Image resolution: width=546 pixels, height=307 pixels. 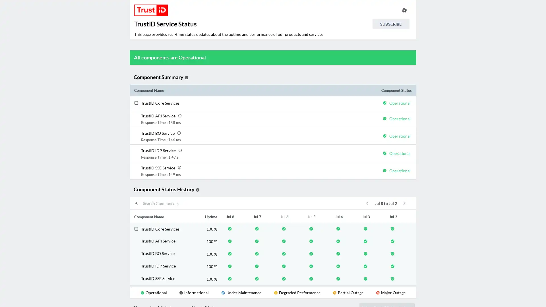 What do you see at coordinates (273, 278) in the screenshot?
I see `TrustID SSE Service 100 %` at bounding box center [273, 278].